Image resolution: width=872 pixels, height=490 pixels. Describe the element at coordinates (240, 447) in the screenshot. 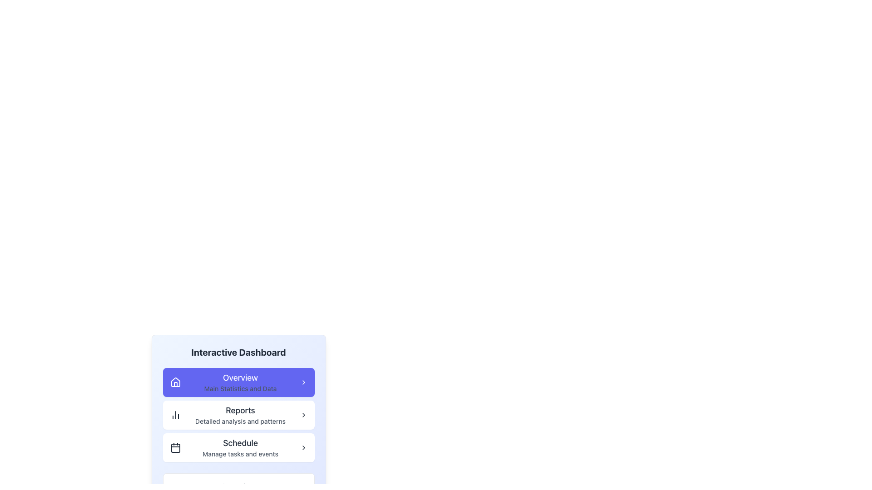

I see `the 'Schedule' text component within the menu item that includes an icon on the left and a chevron on the right, positioned below 'Interactive Dashboard'` at that location.